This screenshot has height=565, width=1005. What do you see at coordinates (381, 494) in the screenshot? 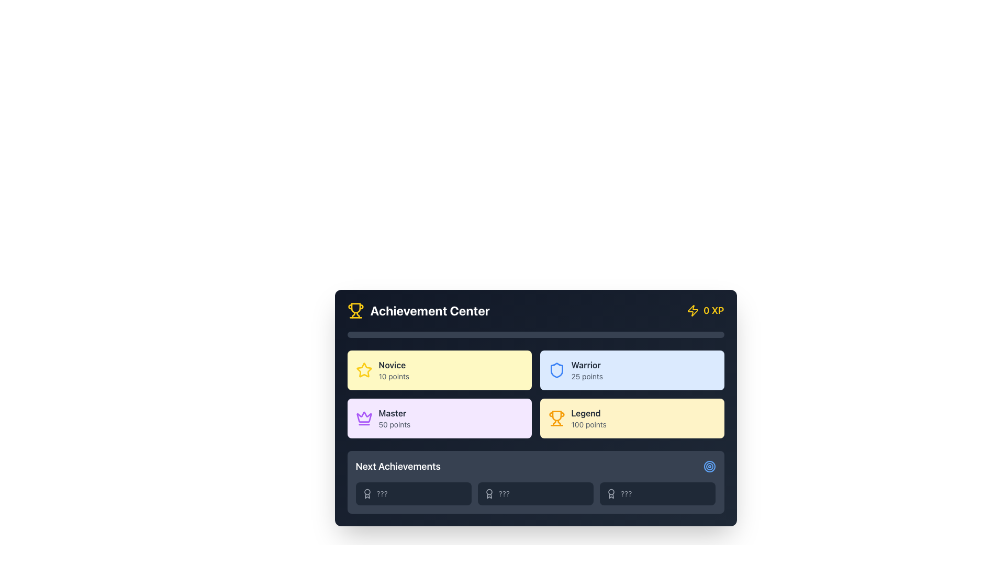
I see `the descriptive Text label styled in gray, located in the bottom row of the 'Next Achievements' section, positioned centrally between an icon and other similar elements` at bounding box center [381, 494].